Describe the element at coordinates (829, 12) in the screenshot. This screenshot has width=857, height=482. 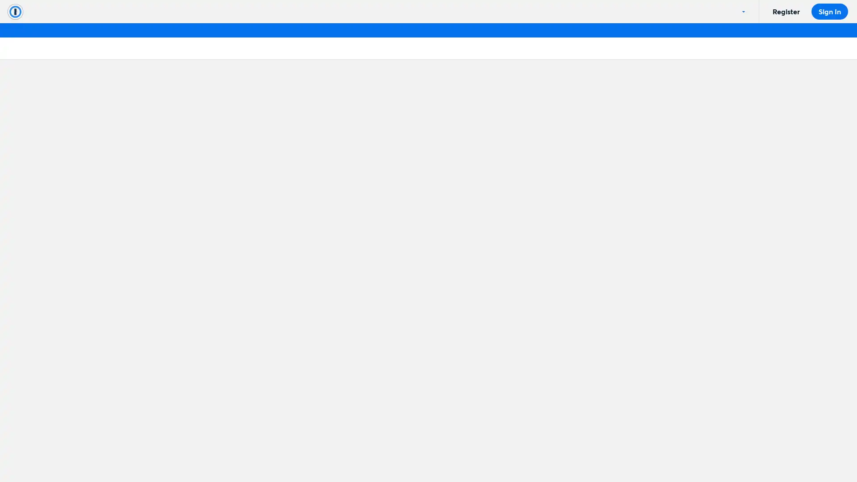
I see `Sign In` at that location.